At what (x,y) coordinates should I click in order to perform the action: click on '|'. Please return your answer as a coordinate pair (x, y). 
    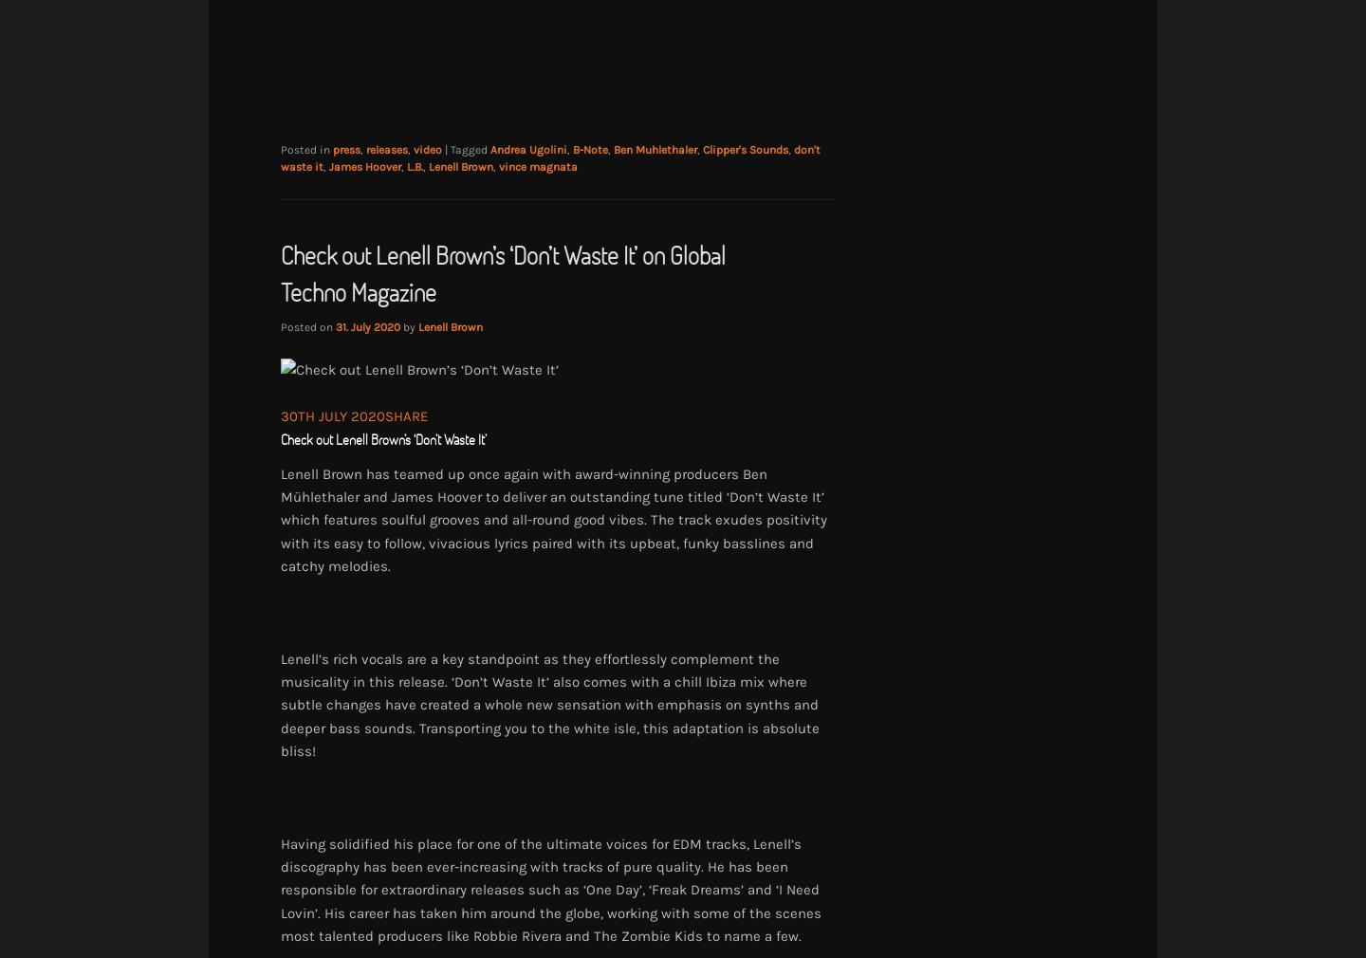
    Looking at the image, I should click on (448, 148).